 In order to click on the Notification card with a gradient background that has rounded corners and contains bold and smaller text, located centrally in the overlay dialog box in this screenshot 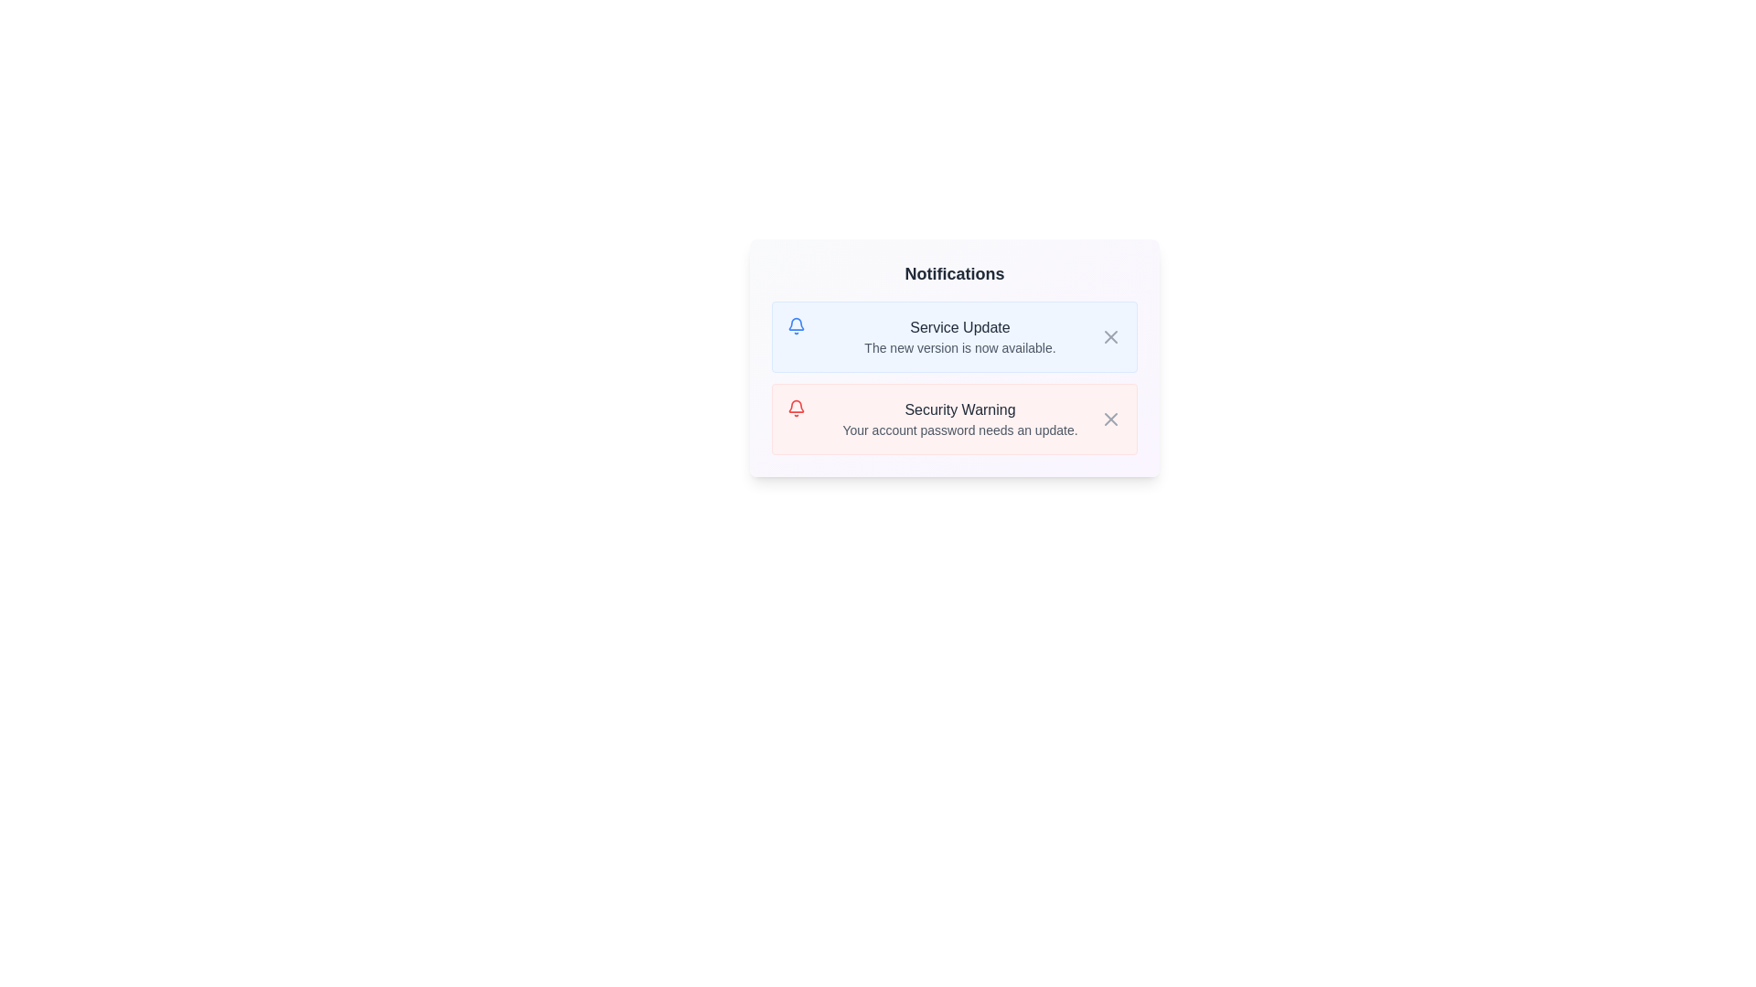, I will do `click(953, 358)`.